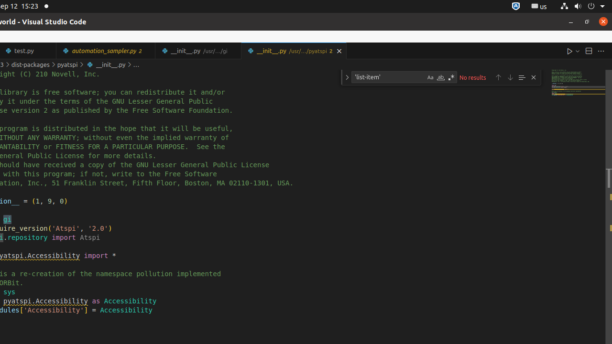 This screenshot has height=344, width=612. What do you see at coordinates (429, 77) in the screenshot?
I see `'Match Case (Alt+C)'` at bounding box center [429, 77].